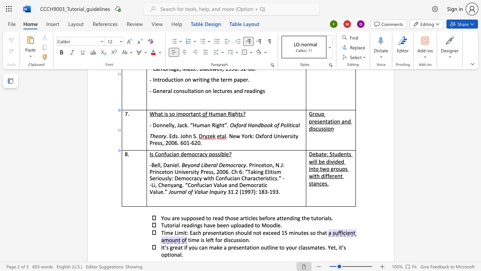  I want to click on the space between the continuous character "b" and "e" in the text, so click(322, 161).